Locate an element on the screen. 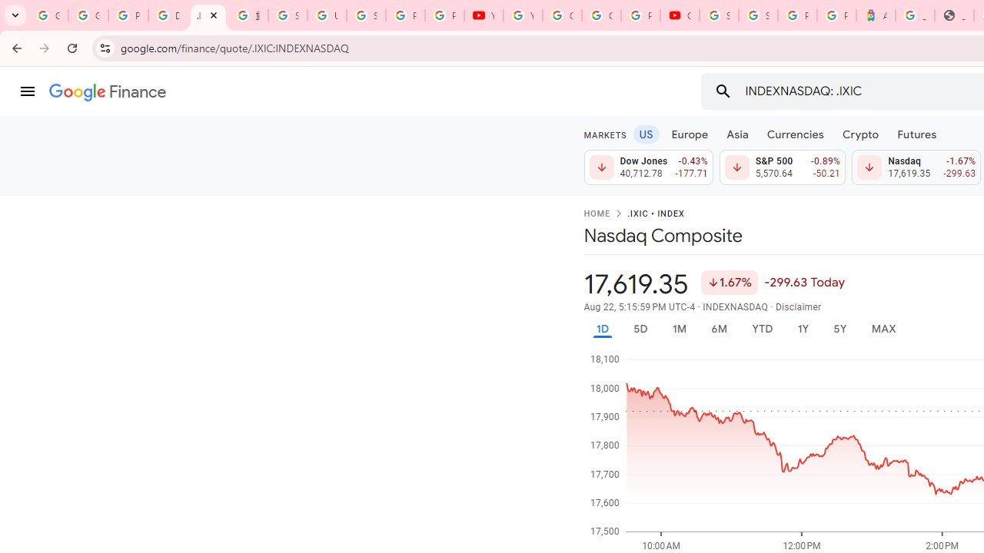  'Create your Google Account' is located at coordinates (600, 15).